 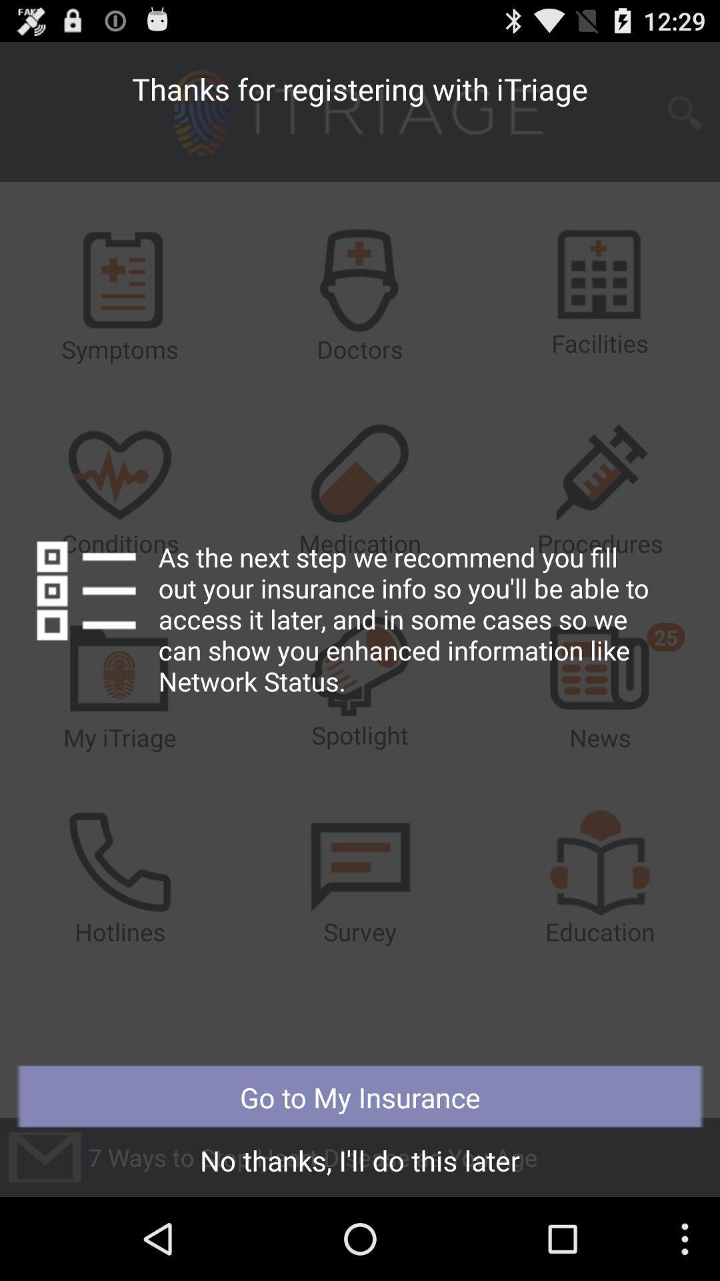 What do you see at coordinates (360, 1164) in the screenshot?
I see `the no thanks i icon` at bounding box center [360, 1164].